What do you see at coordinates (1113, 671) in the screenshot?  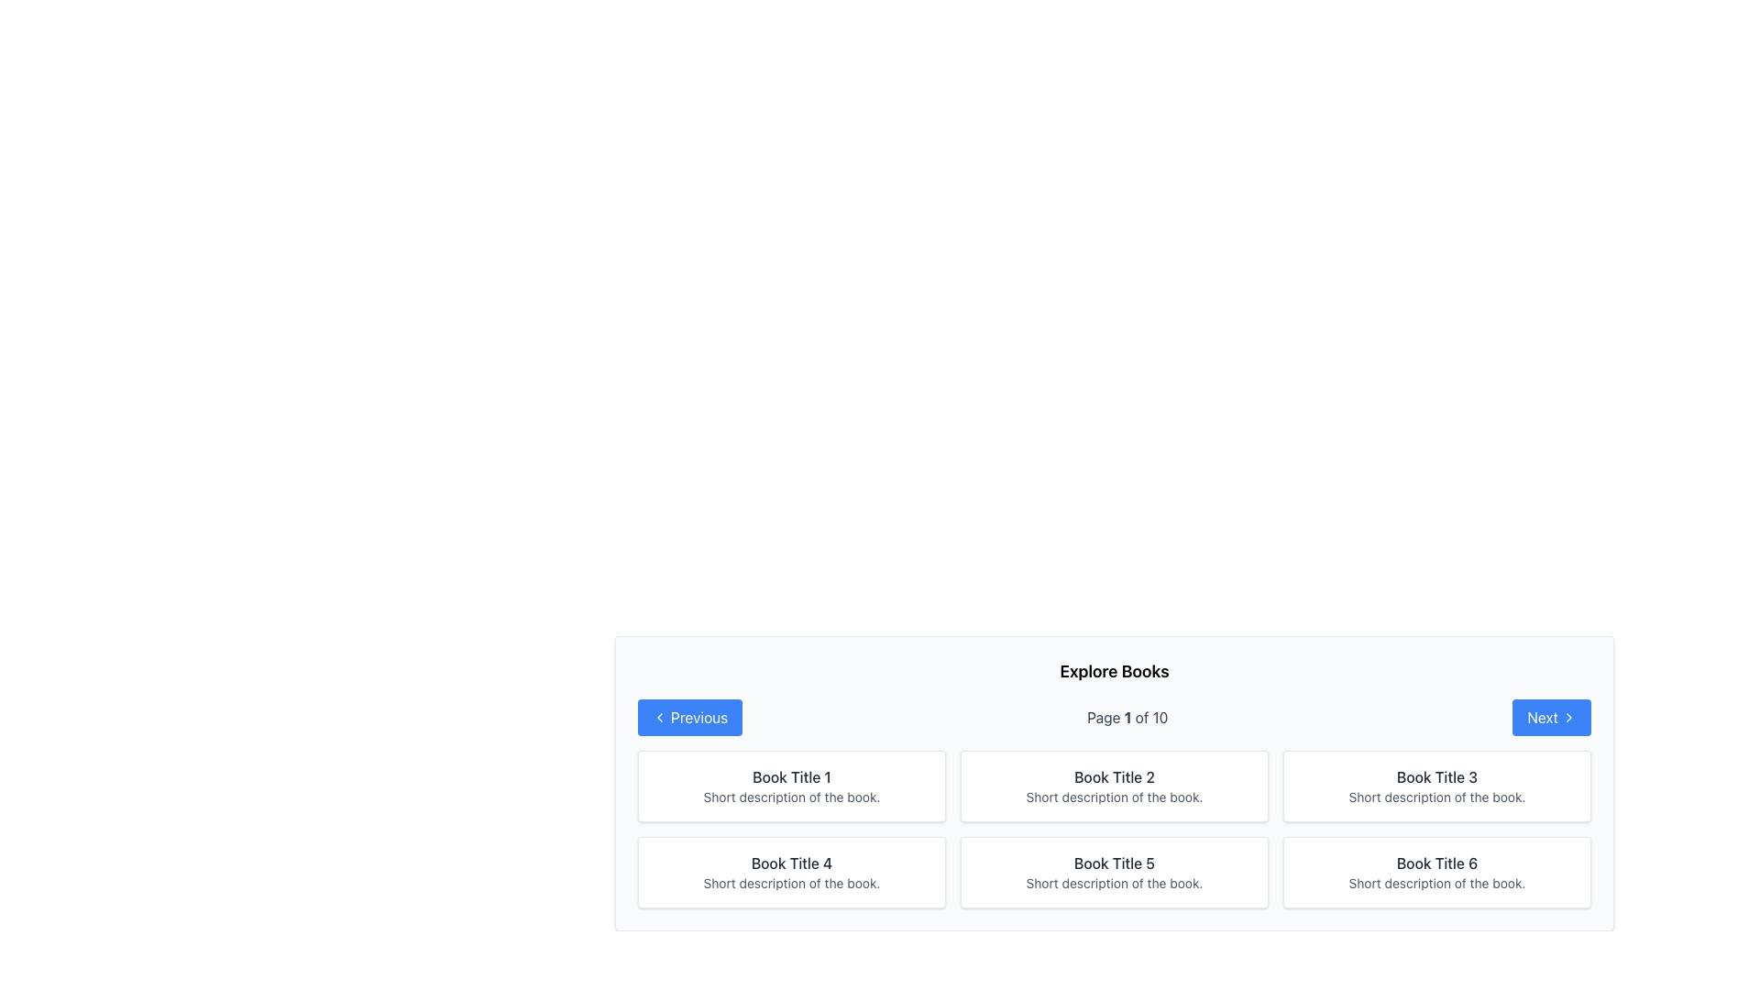 I see `the section heading text element that introduces the list of books, located at the top center of the paginated interface` at bounding box center [1113, 671].